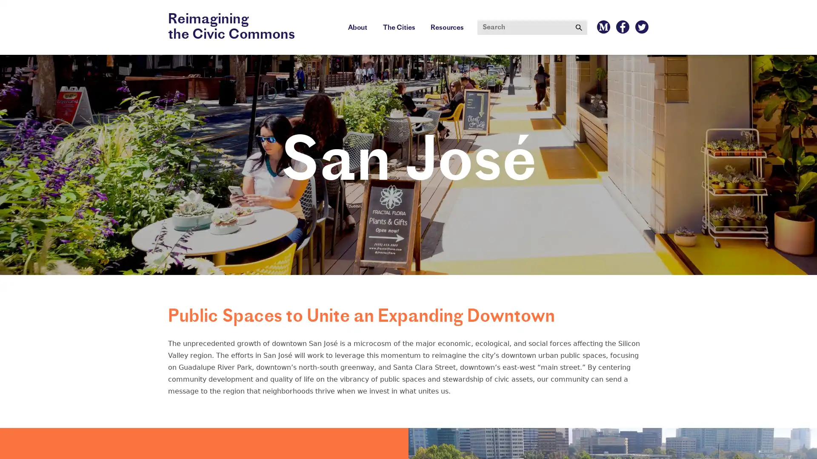 This screenshot has width=817, height=459. I want to click on Submit, so click(579, 27).